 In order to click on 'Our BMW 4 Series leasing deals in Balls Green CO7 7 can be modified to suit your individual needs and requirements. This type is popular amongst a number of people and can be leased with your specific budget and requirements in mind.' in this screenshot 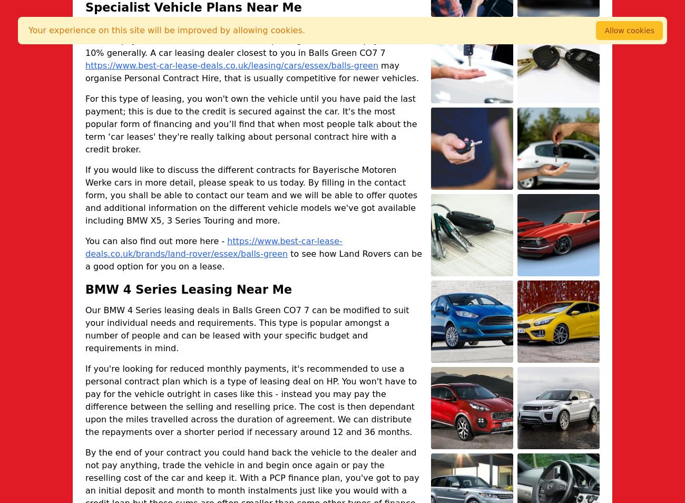, I will do `click(247, 328)`.